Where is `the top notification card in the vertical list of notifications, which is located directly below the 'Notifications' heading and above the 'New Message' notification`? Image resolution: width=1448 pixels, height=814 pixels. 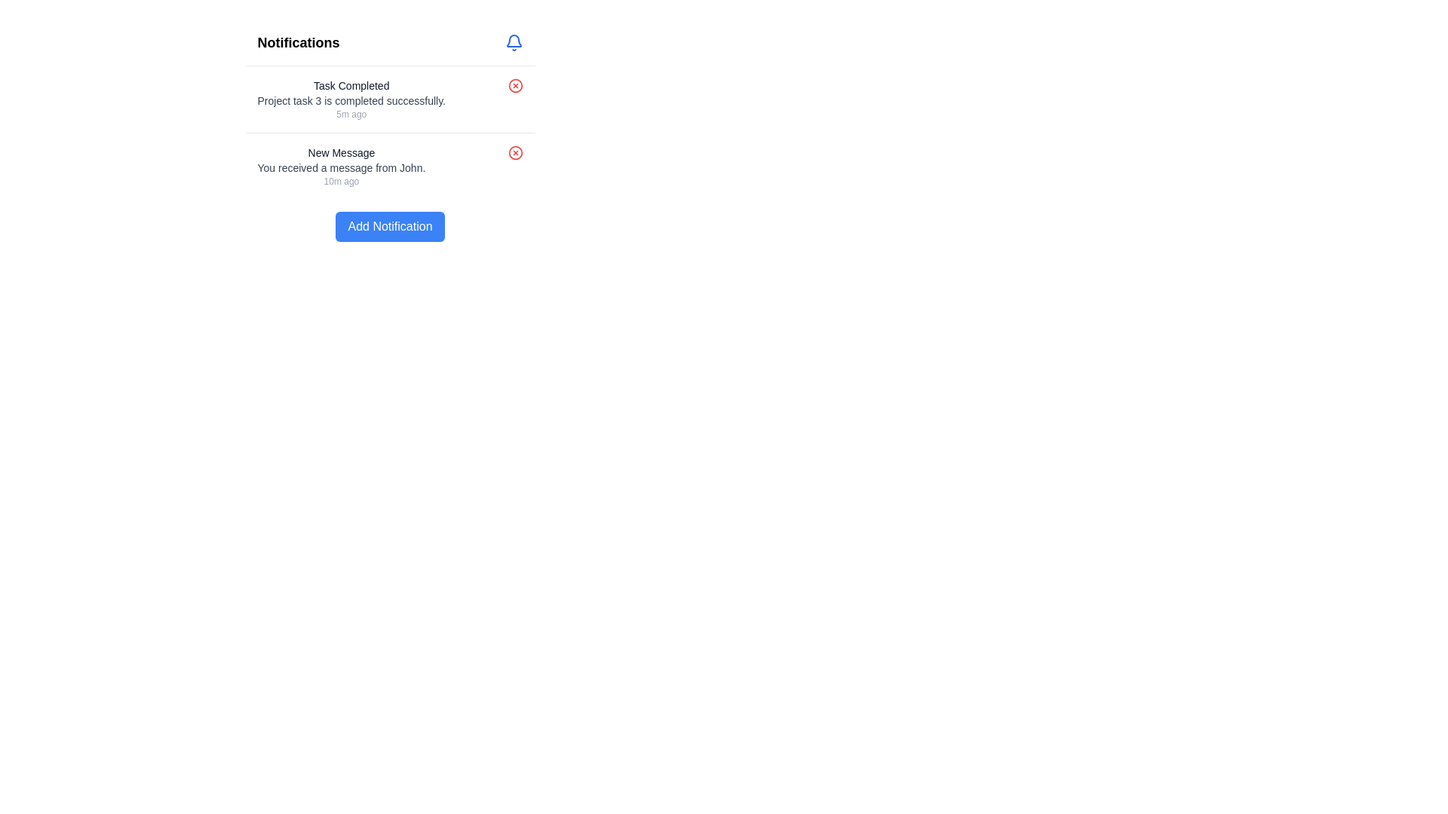 the top notification card in the vertical list of notifications, which is located directly below the 'Notifications' heading and above the 'New Message' notification is located at coordinates (390, 99).